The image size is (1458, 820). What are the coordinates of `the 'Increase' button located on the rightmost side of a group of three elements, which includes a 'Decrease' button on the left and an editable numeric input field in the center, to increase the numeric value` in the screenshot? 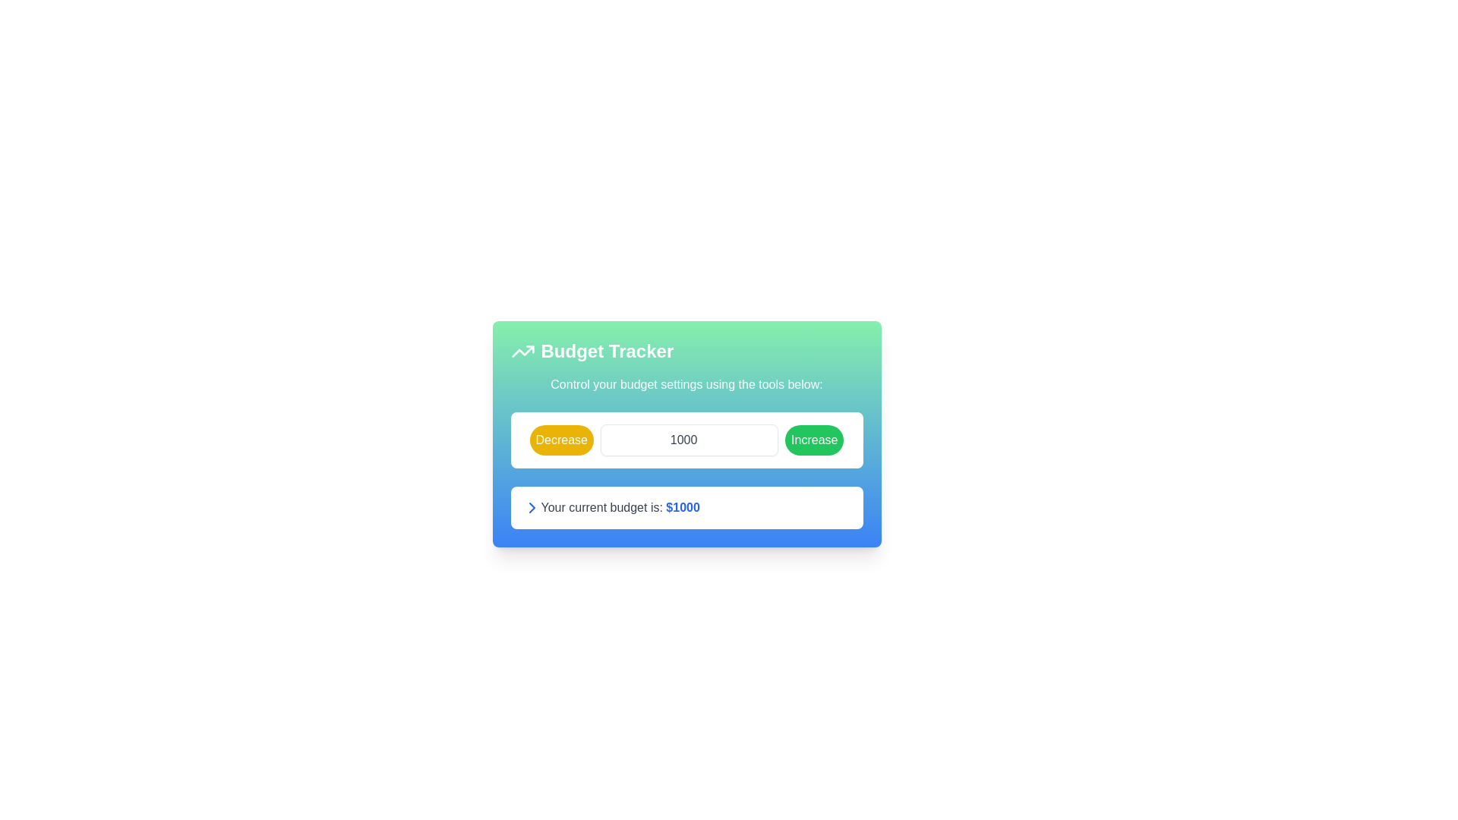 It's located at (813, 440).